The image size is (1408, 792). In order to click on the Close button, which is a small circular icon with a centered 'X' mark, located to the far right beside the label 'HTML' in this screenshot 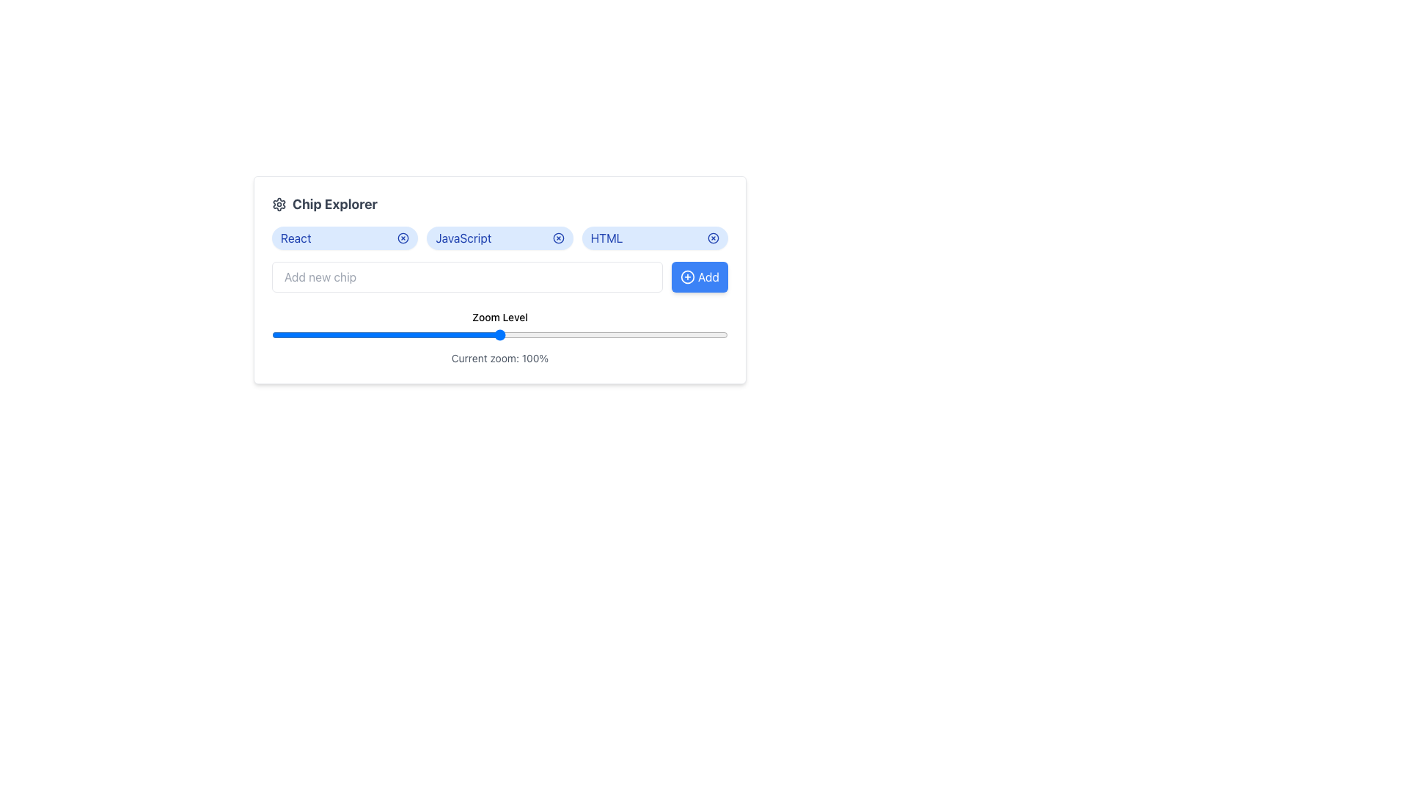, I will do `click(714, 237)`.